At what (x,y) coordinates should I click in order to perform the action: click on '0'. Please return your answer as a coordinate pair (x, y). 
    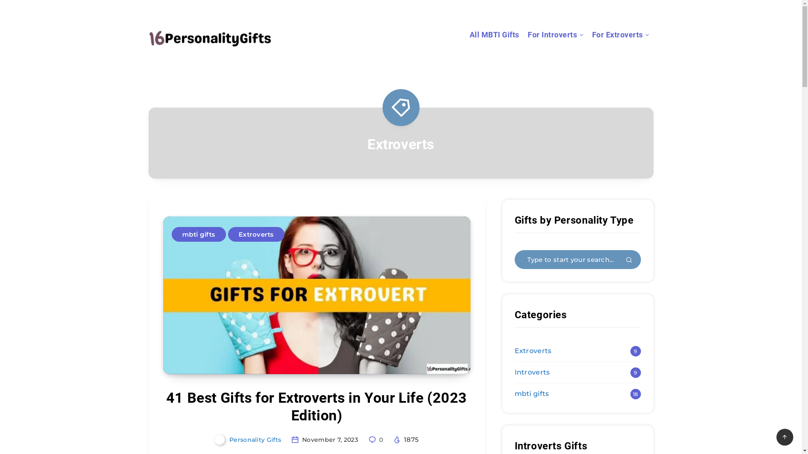
    Looking at the image, I should click on (376, 439).